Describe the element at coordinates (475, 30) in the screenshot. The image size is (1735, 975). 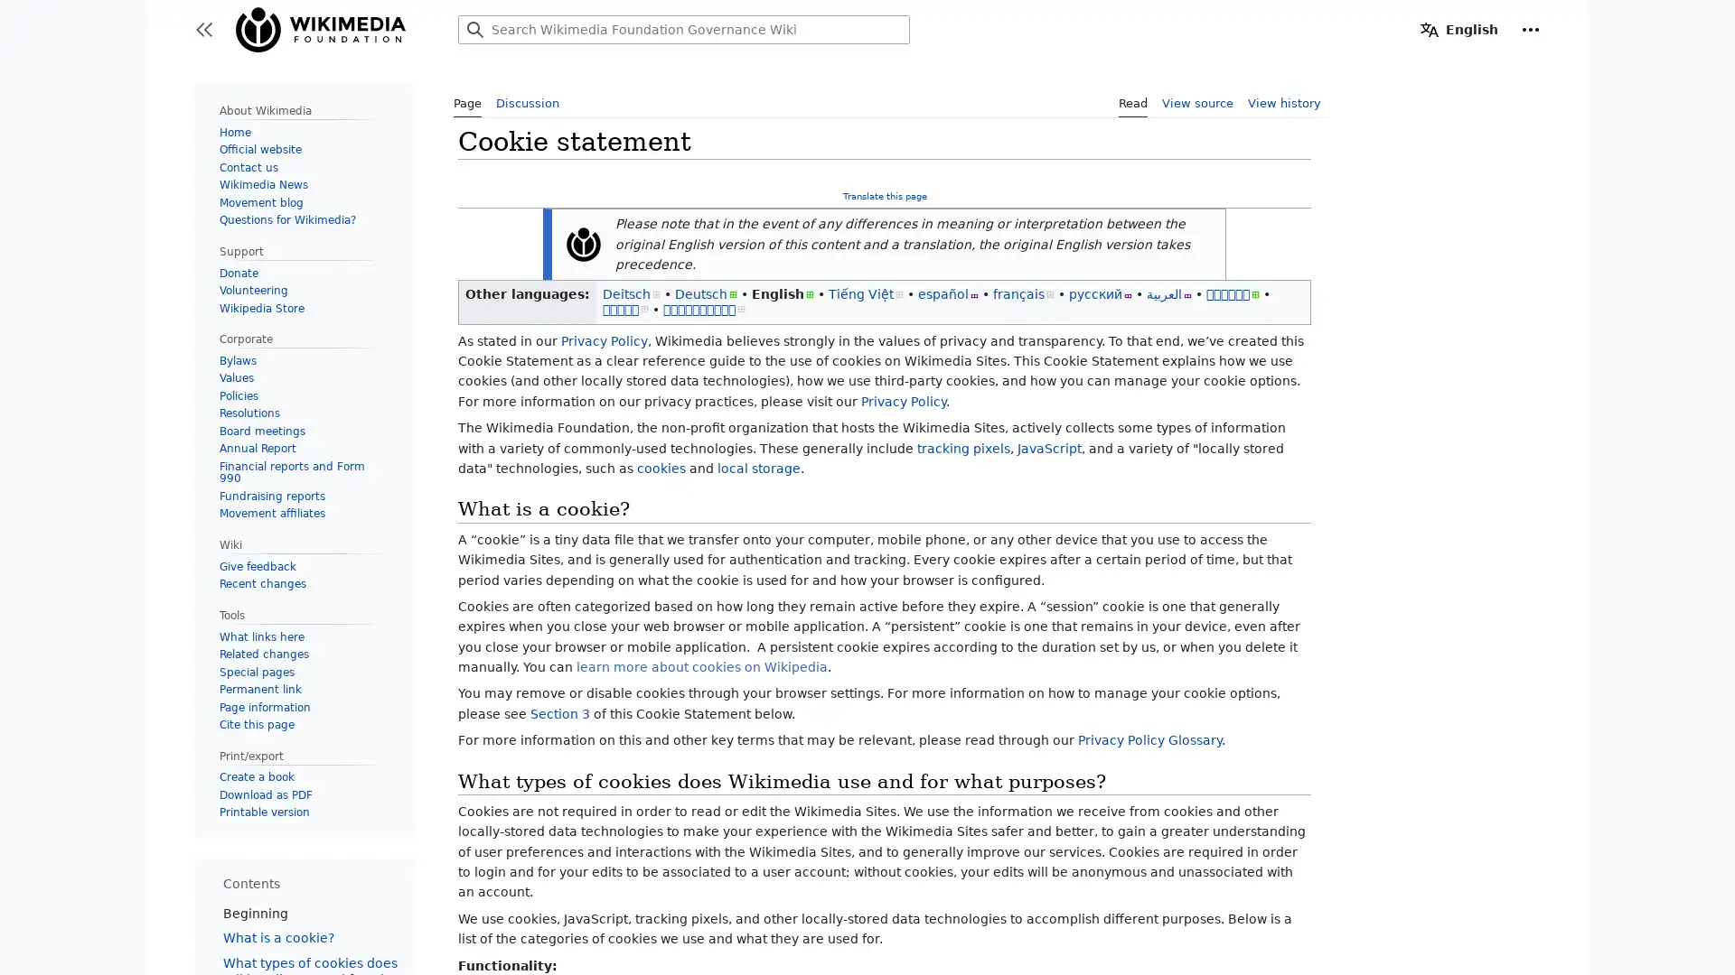
I see `Search` at that location.